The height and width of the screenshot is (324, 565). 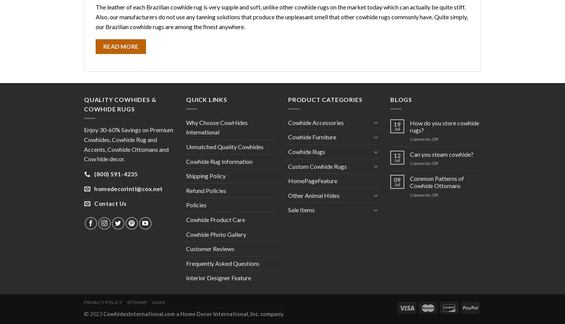 I want to click on 'PRODUCT CATEGORIES', so click(x=325, y=99).